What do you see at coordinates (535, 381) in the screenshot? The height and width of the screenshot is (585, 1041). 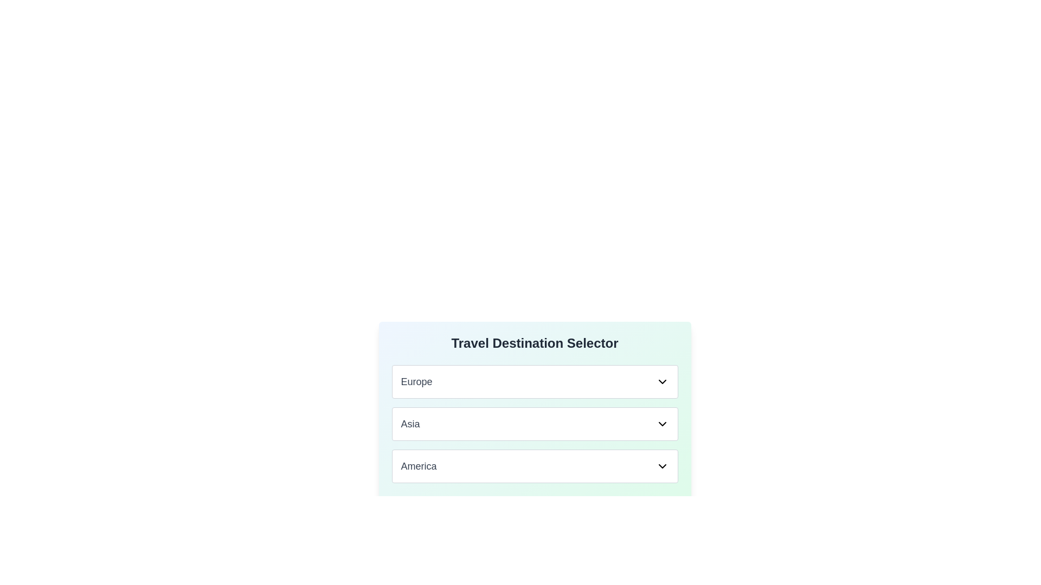 I see `the 'Europe' dropdown selector` at bounding box center [535, 381].